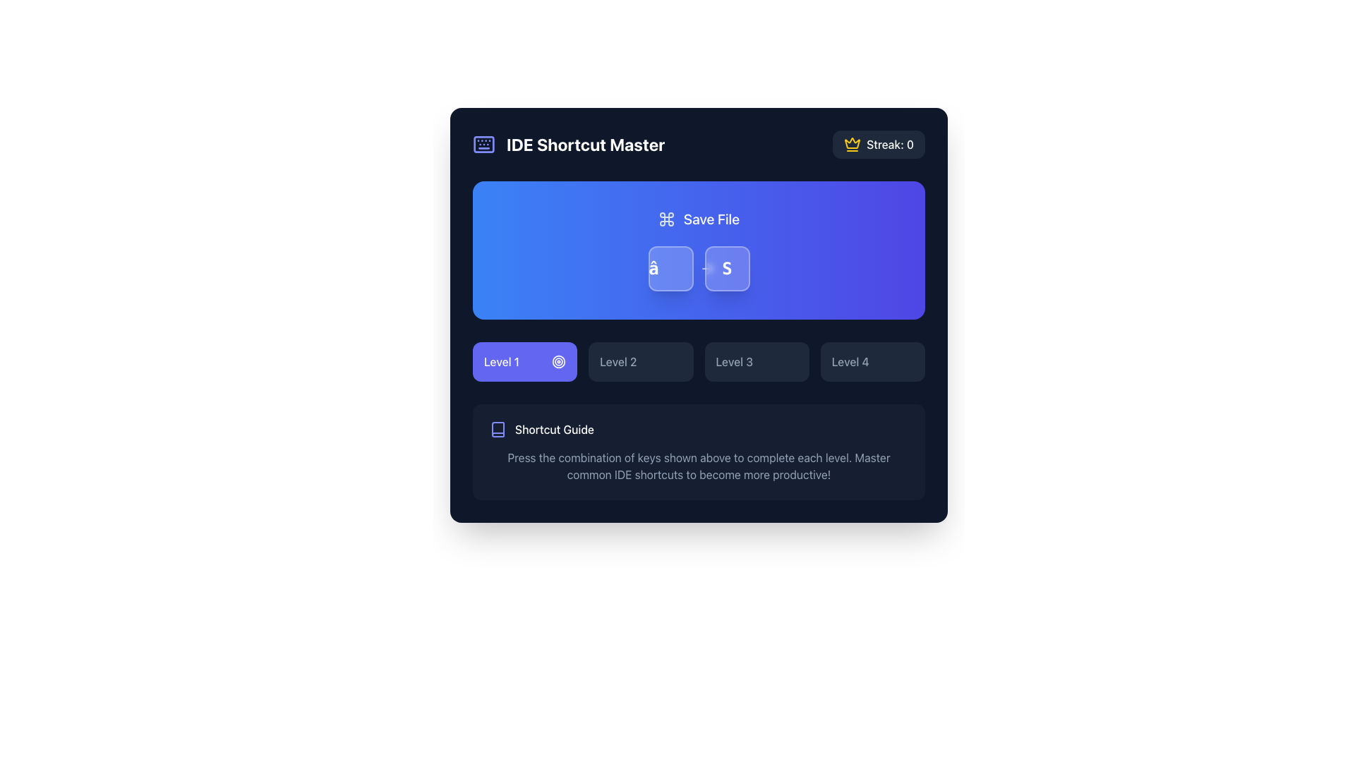 This screenshot has width=1355, height=762. What do you see at coordinates (852, 144) in the screenshot?
I see `the crown icon that denotes a streak or achievement status, located to the left of the 'Streak: 0' text` at bounding box center [852, 144].